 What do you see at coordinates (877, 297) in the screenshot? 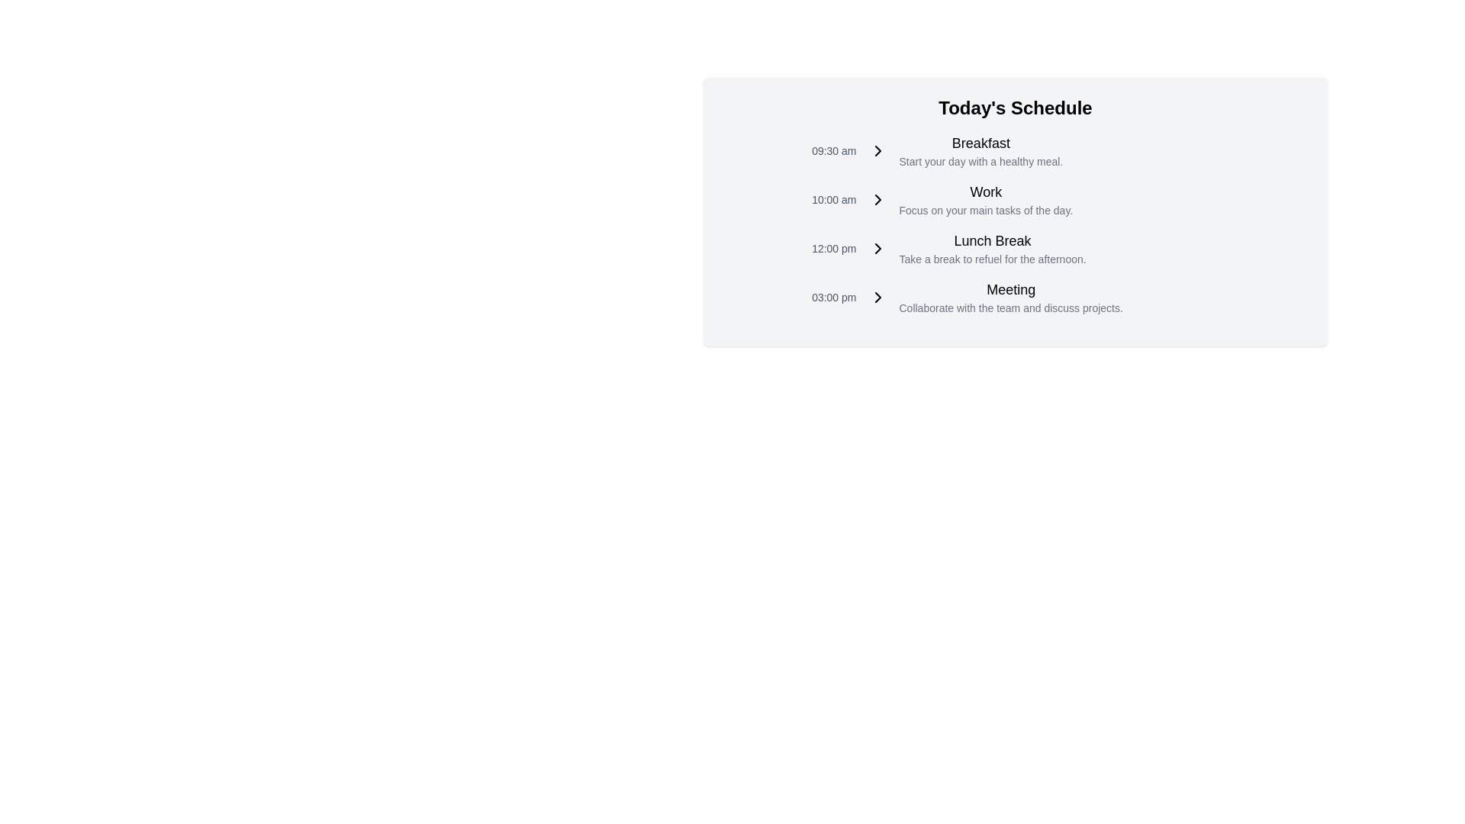
I see `the right-pointing chevron icon located directly to the right of the '03:00 pm' label in the schedule listing` at bounding box center [877, 297].